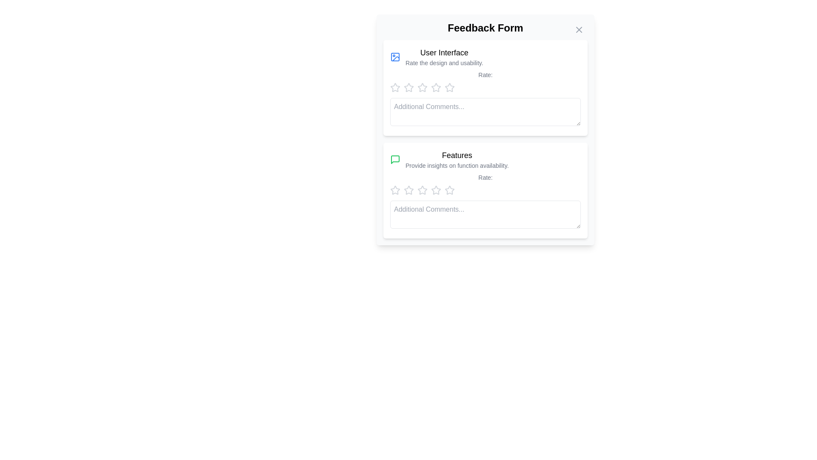 Image resolution: width=817 pixels, height=460 pixels. I want to click on the small, square-shaped button with an 'X' icon in the center, so click(579, 29).